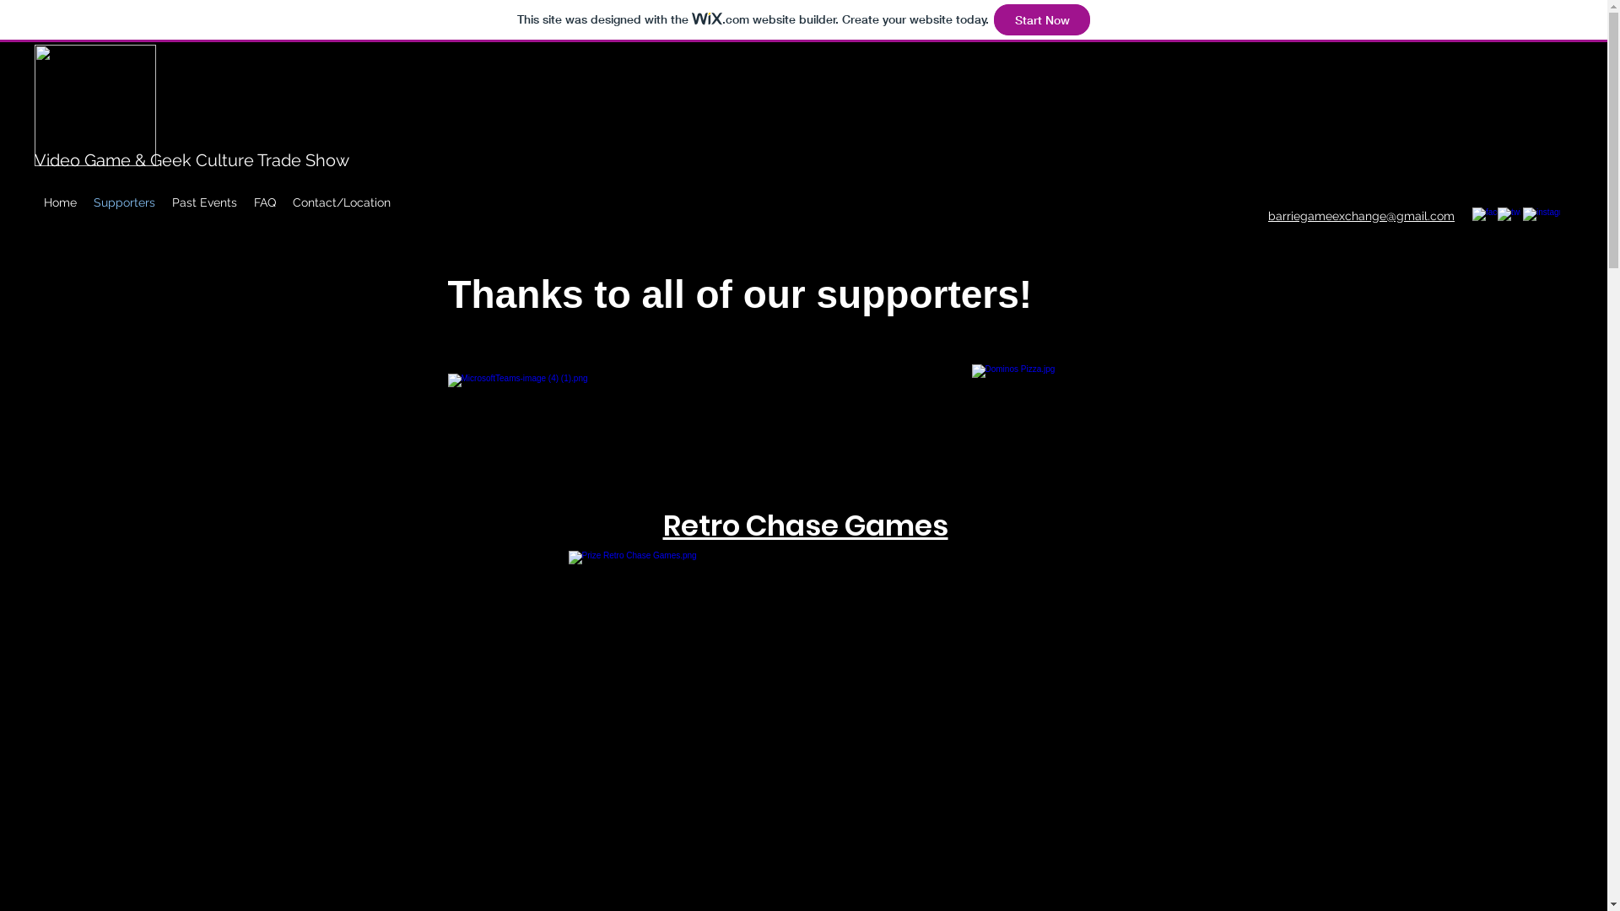  I want to click on 'barriegameexchange@gmail.com', so click(1361, 214).